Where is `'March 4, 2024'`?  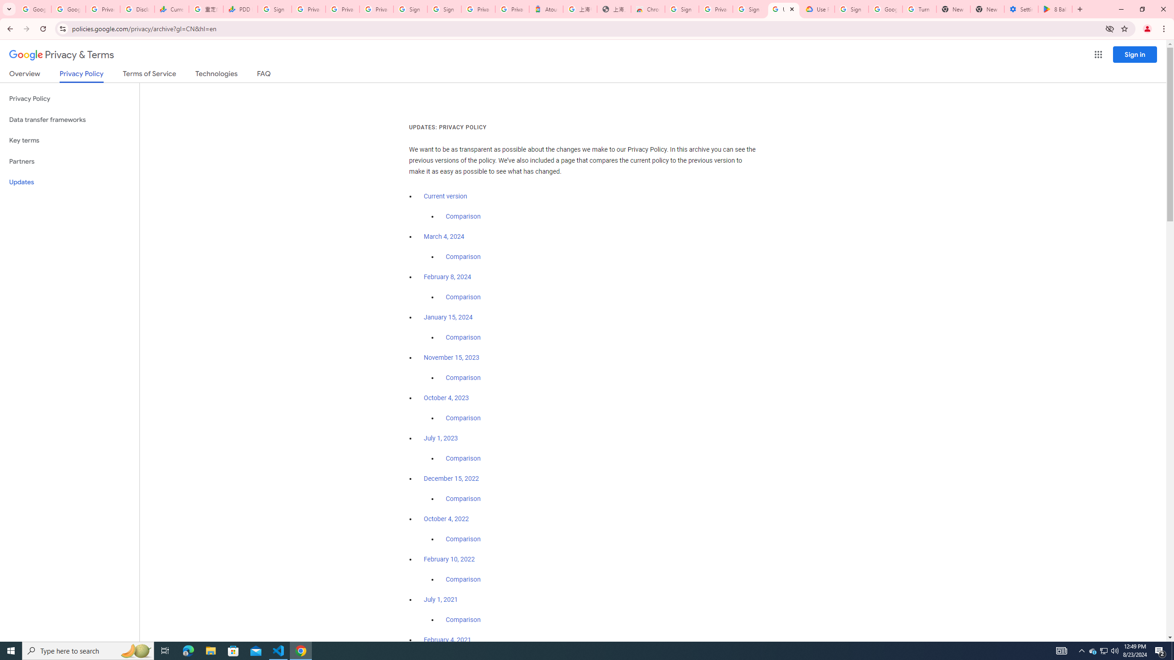 'March 4, 2024' is located at coordinates (443, 236).